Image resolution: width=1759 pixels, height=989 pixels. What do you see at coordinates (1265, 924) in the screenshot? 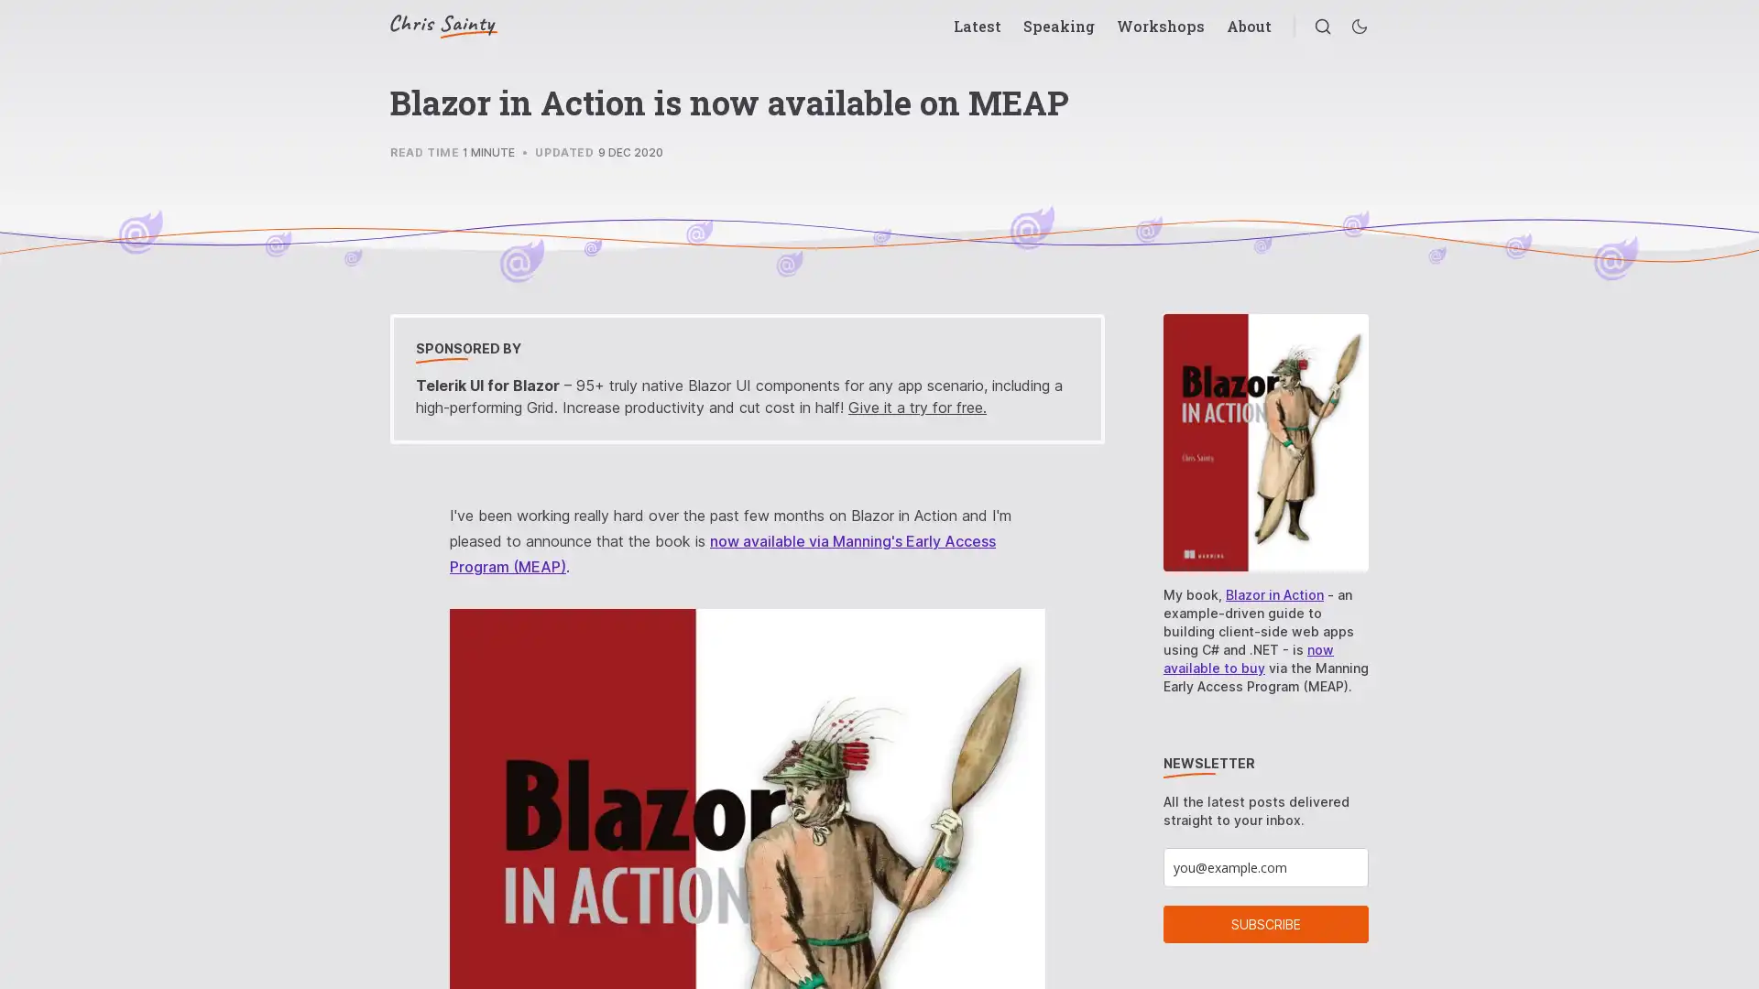
I see `SUBSCRIBE` at bounding box center [1265, 924].